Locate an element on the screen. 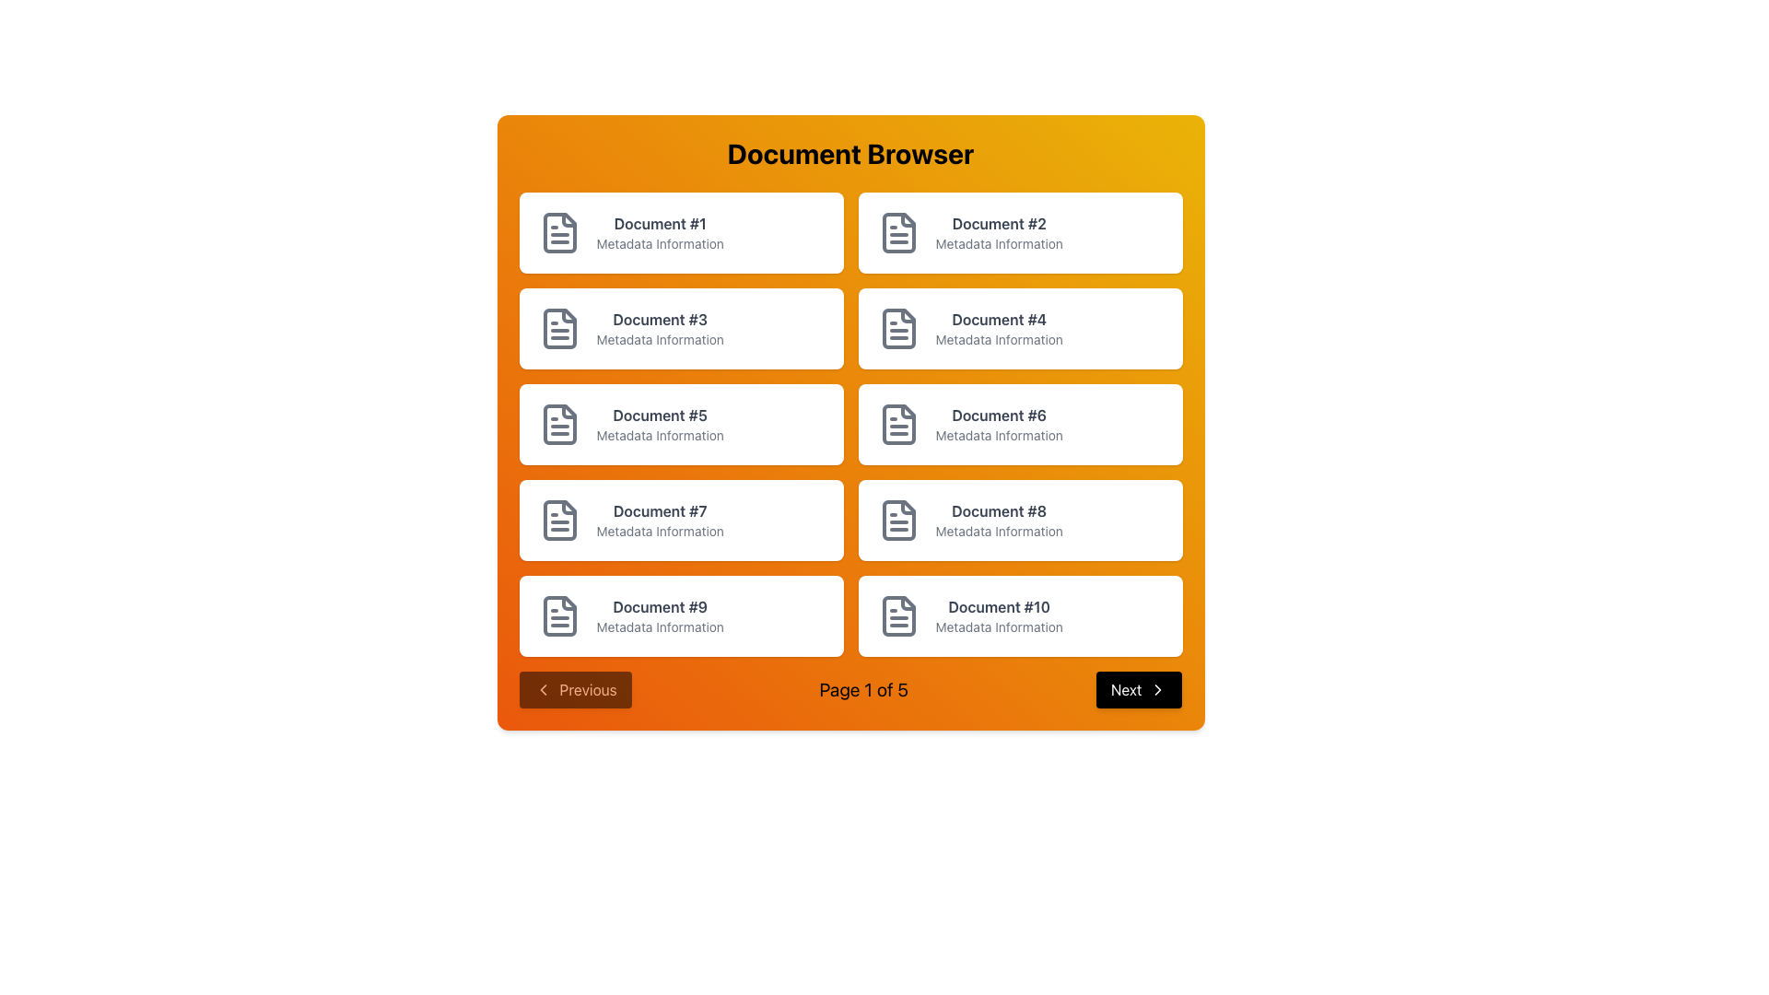 This screenshot has width=1769, height=995. the text label for 'Document #9' is located at coordinates (660, 607).